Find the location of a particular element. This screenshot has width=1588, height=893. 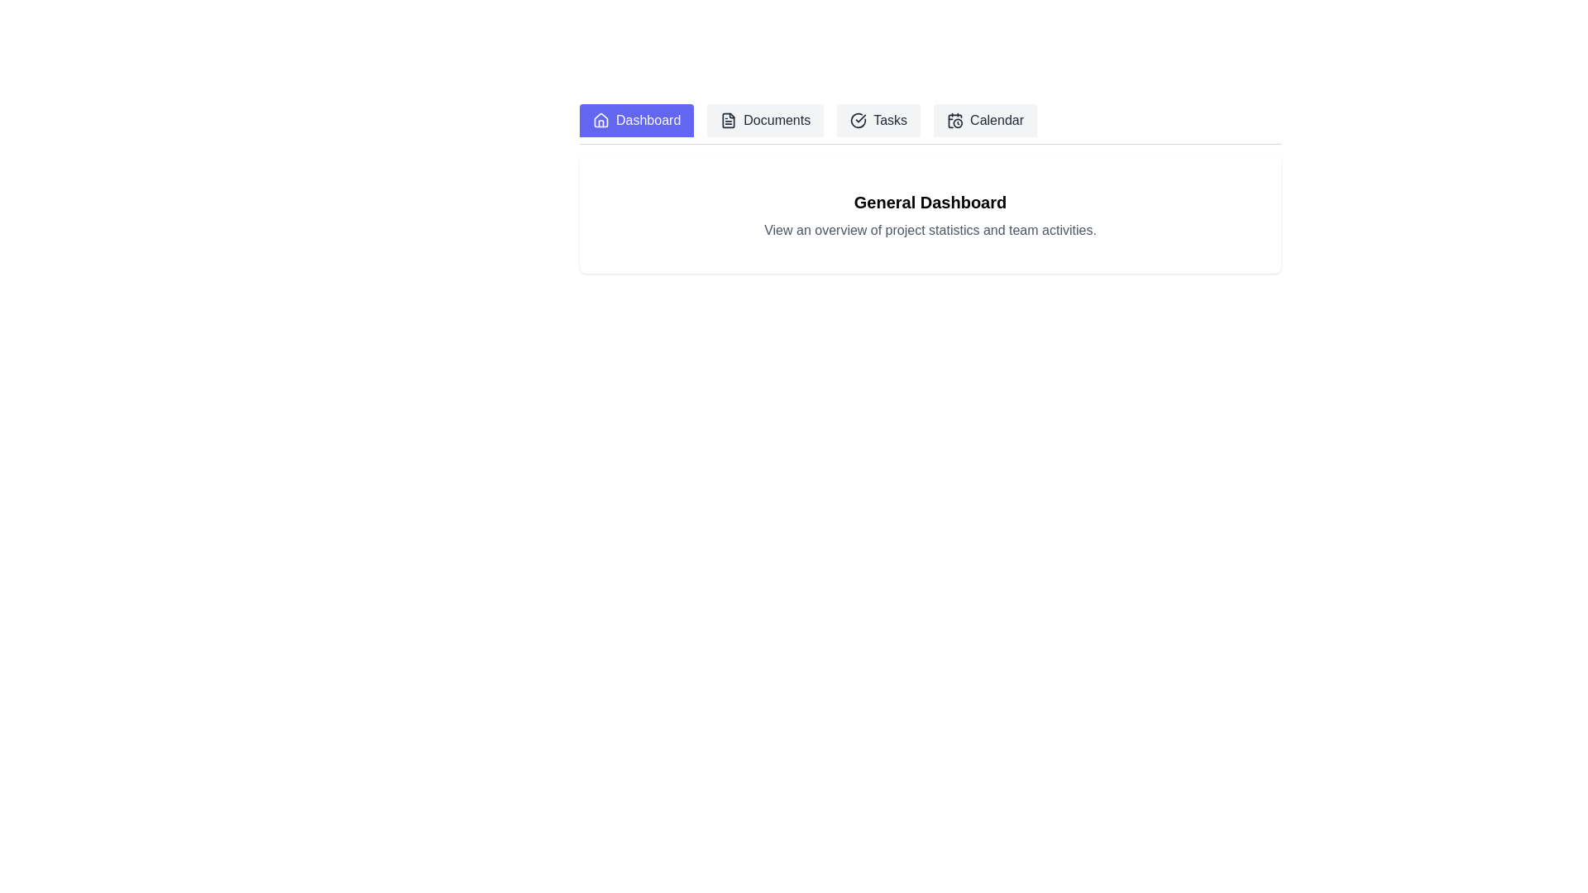

the third button in the navigation bar, which is used for task management is located at coordinates (878, 120).